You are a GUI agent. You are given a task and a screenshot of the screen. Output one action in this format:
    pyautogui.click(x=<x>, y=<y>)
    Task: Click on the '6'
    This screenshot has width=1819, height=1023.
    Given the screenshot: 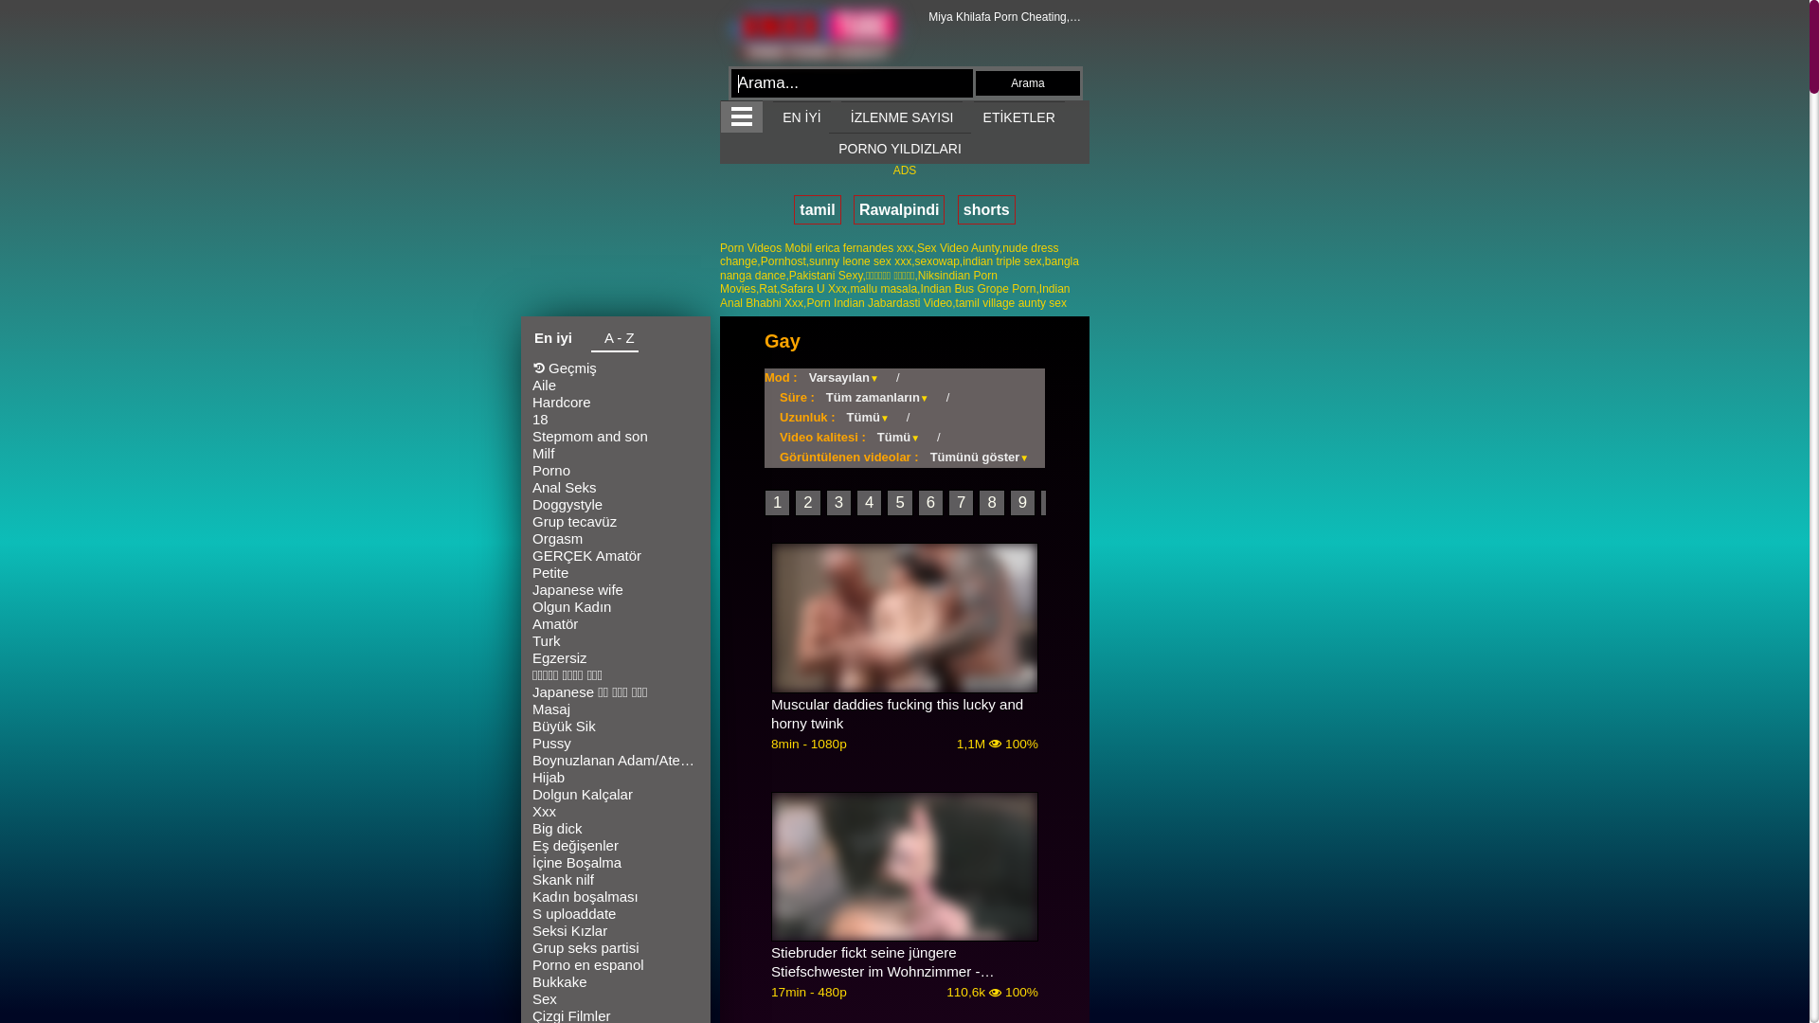 What is the action you would take?
    pyautogui.click(x=930, y=502)
    